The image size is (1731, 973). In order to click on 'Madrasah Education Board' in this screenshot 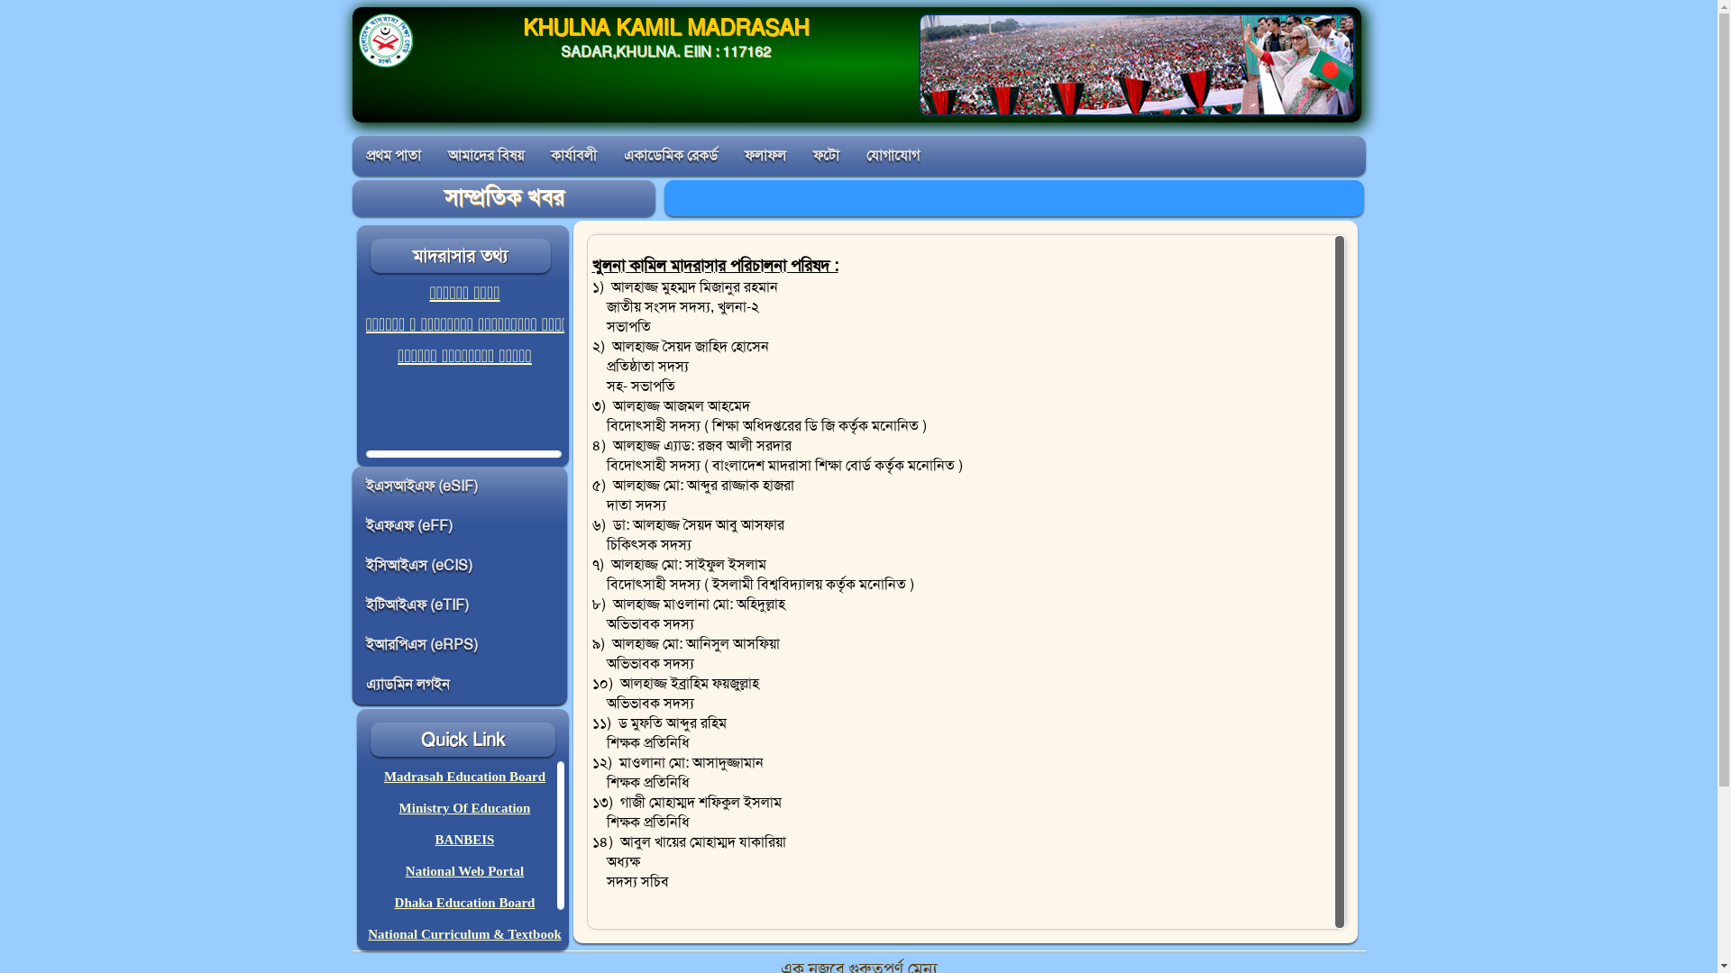, I will do `click(464, 775)`.